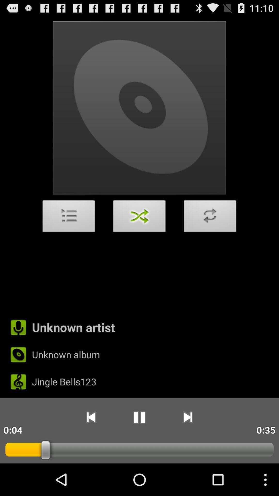  What do you see at coordinates (139, 233) in the screenshot?
I see `the close icon` at bounding box center [139, 233].